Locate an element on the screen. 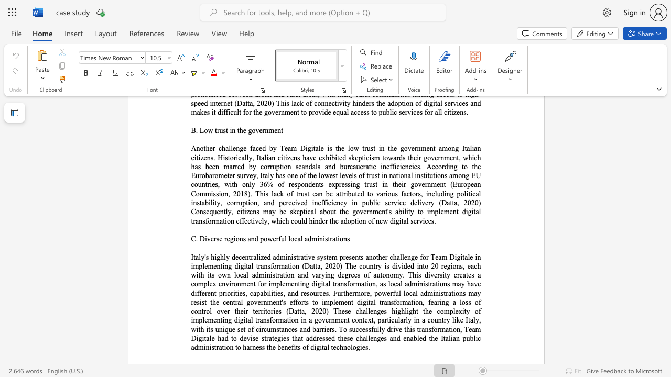 The height and width of the screenshot is (377, 671). the 4th character "e" in the text is located at coordinates (274, 239).